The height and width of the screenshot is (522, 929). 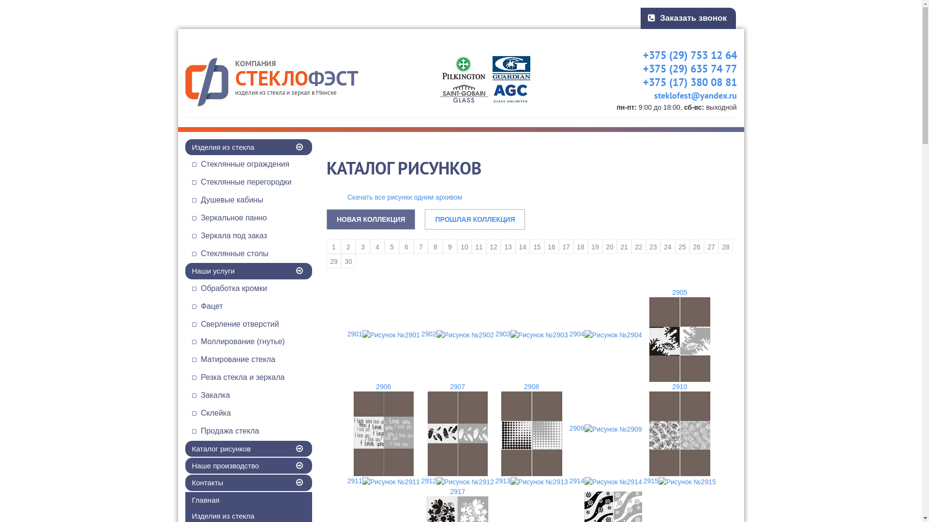 What do you see at coordinates (494, 333) in the screenshot?
I see `'2903'` at bounding box center [494, 333].